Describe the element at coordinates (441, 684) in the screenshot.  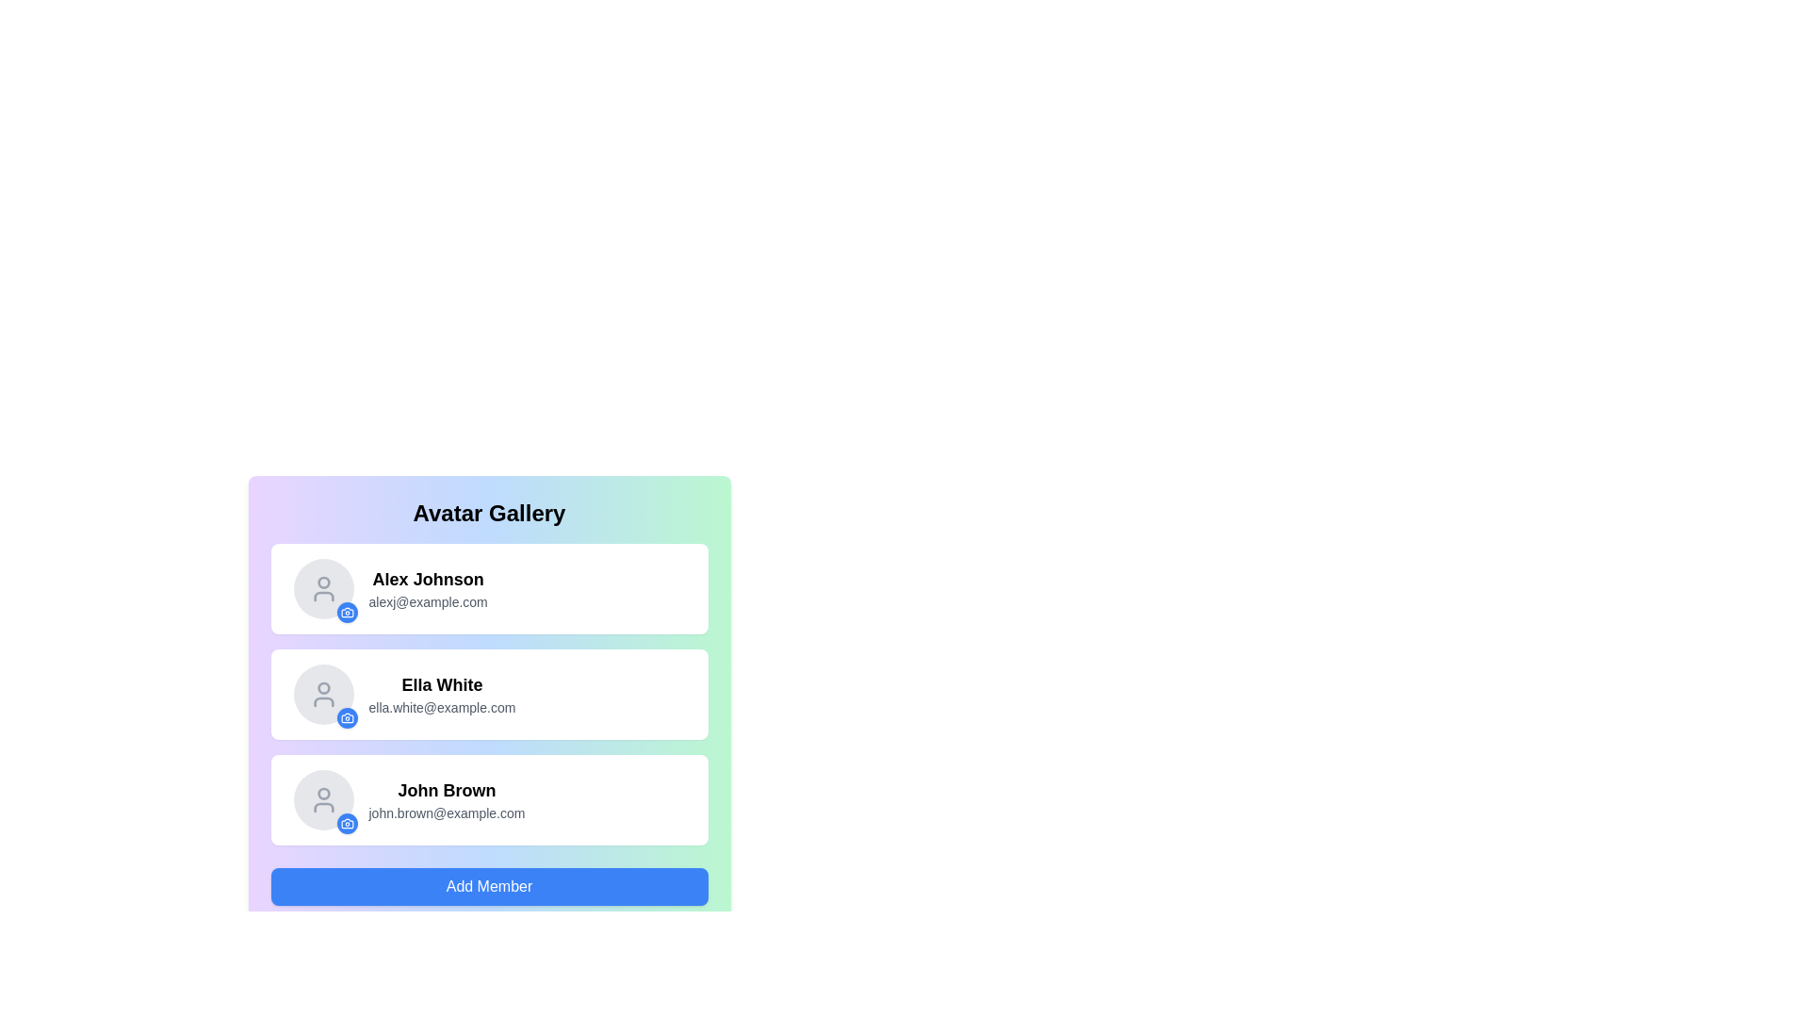
I see `the user name text label that serves as the primary identifier for the user displayed in the current card, located above the email address 'ella.white@example.com'` at that location.